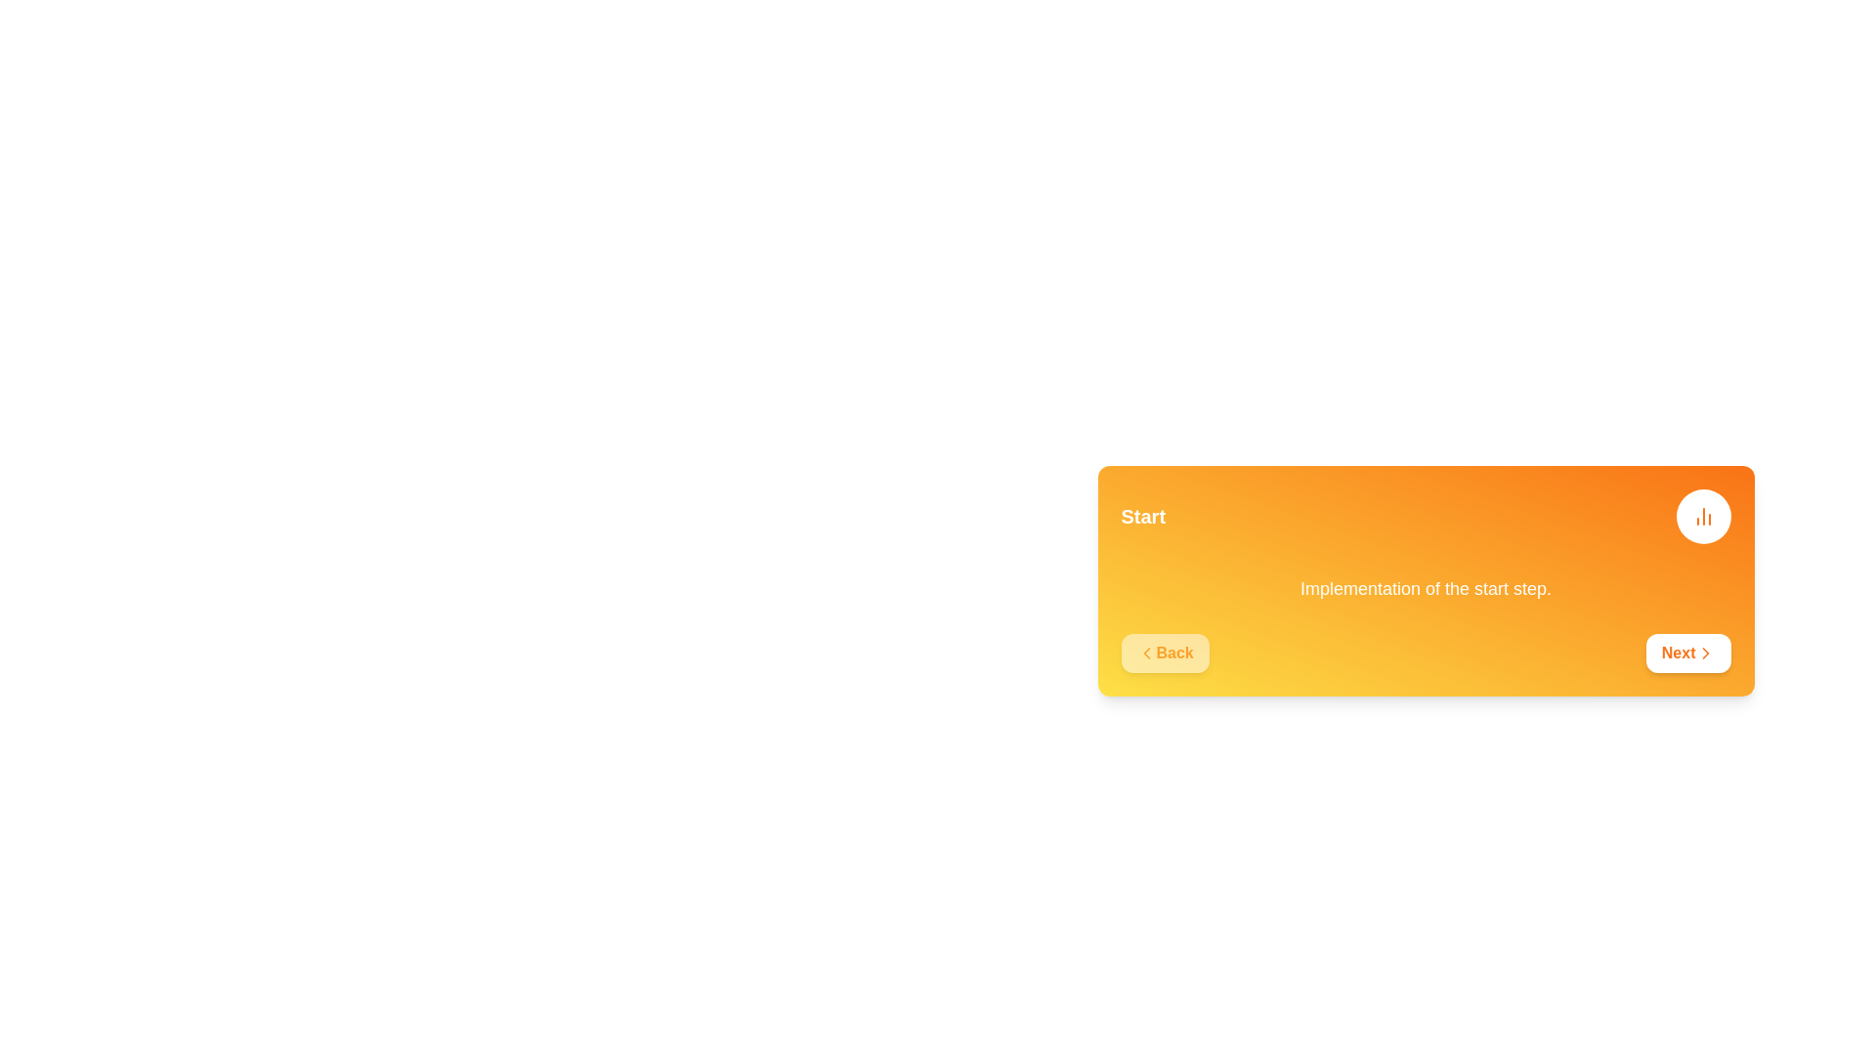 Image resolution: width=1876 pixels, height=1055 pixels. What do you see at coordinates (1704, 653) in the screenshot?
I see `the right-facing chevron icon located within the 'Next' button at the bottom-right corner of the orange card interface` at bounding box center [1704, 653].